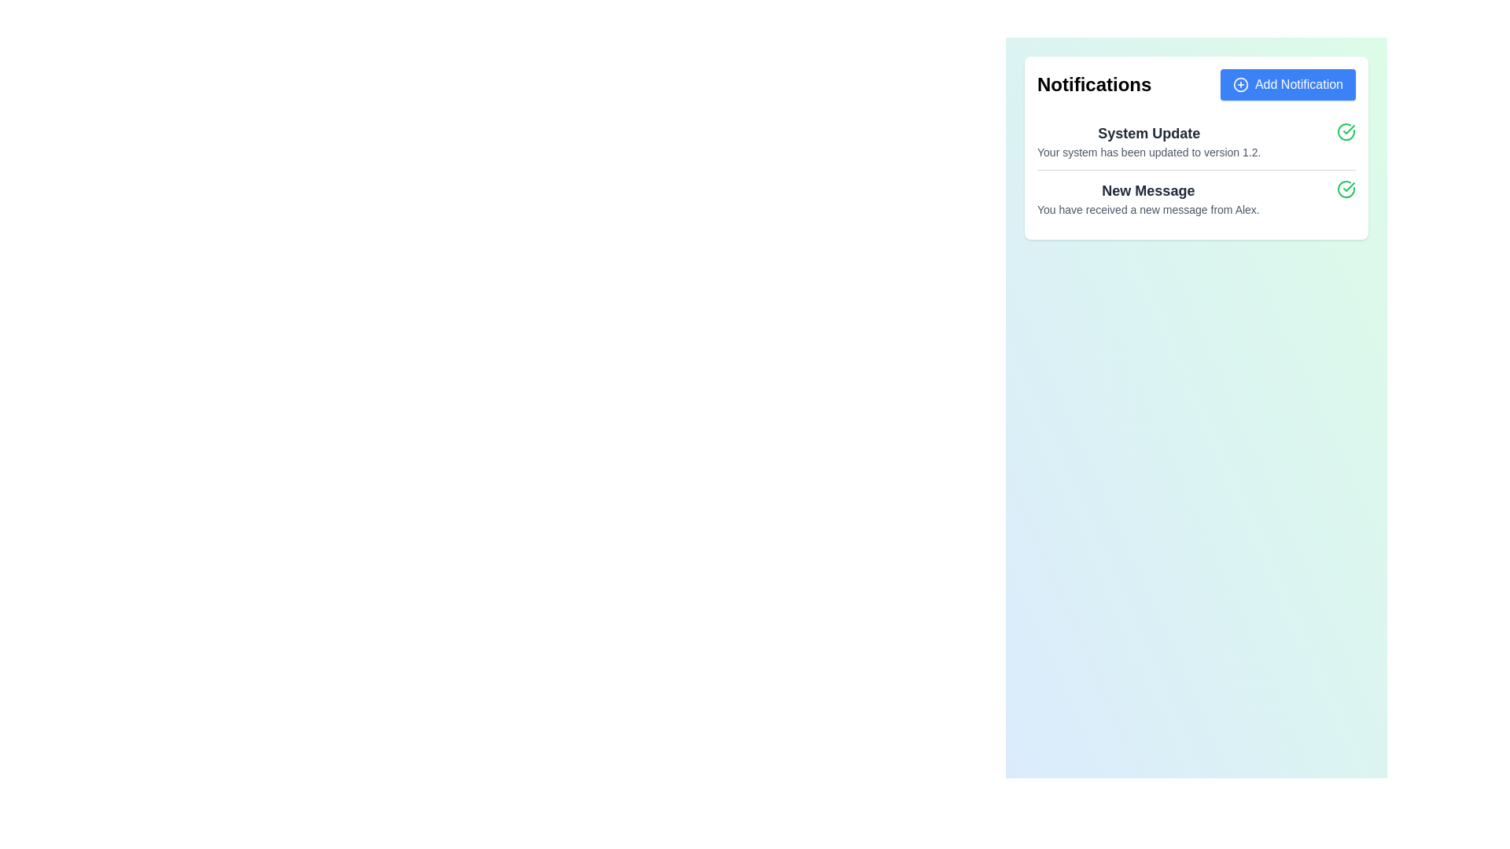  What do you see at coordinates (1346, 188) in the screenshot?
I see `the circular confirmation icon with a green checkmark located at the far-right side of the row containing the 'New Message' notification to acknowledge it` at bounding box center [1346, 188].